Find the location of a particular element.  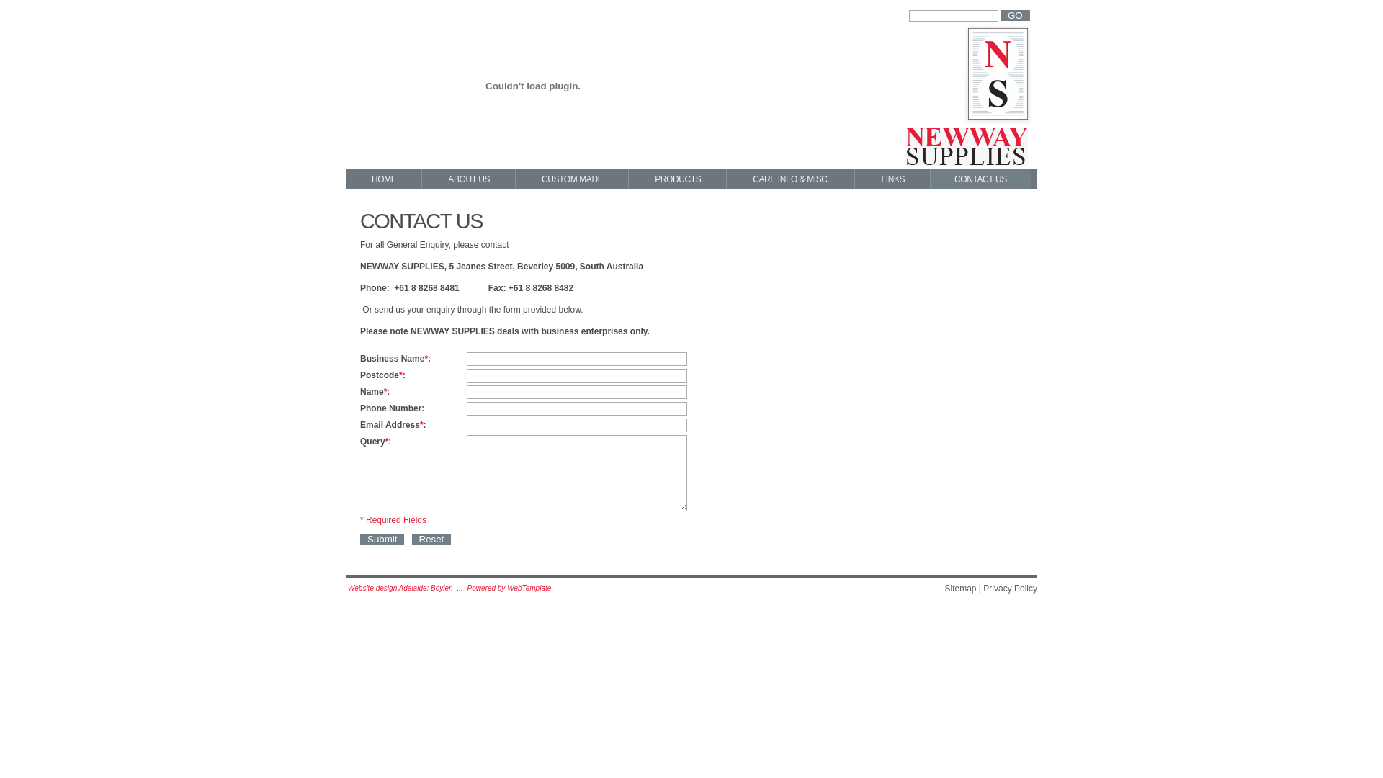

'GO' is located at coordinates (1014, 15).